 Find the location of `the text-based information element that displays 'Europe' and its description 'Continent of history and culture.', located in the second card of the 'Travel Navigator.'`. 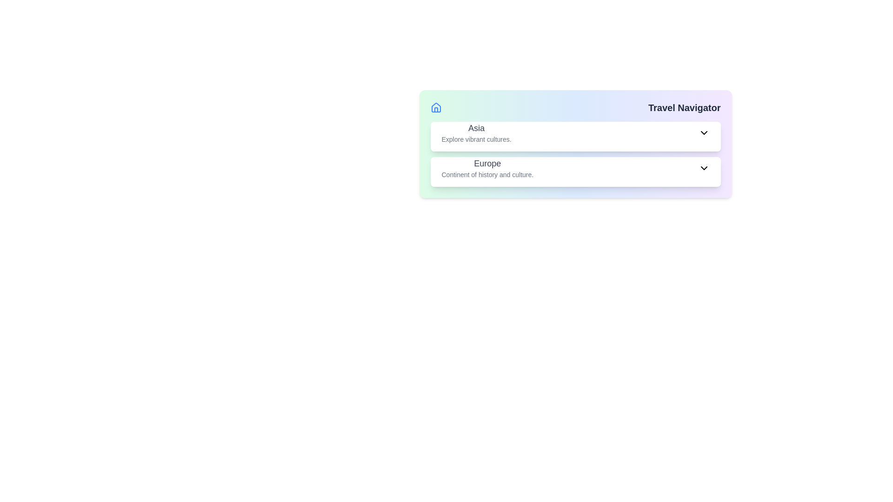

the text-based information element that displays 'Europe' and its description 'Continent of history and culture.', located in the second card of the 'Travel Navigator.' is located at coordinates (487, 168).